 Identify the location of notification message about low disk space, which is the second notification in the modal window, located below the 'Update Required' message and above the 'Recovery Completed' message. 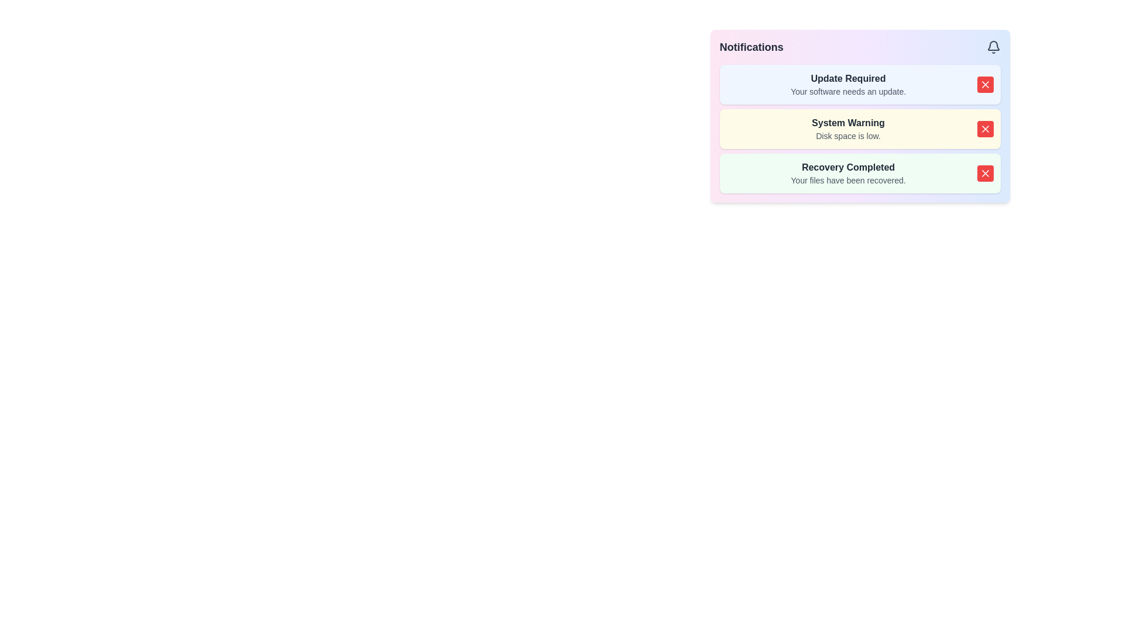
(860, 116).